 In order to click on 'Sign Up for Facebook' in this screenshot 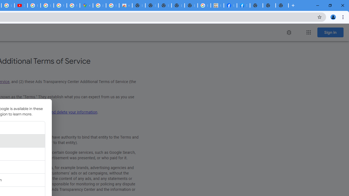, I will do `click(243, 5)`.